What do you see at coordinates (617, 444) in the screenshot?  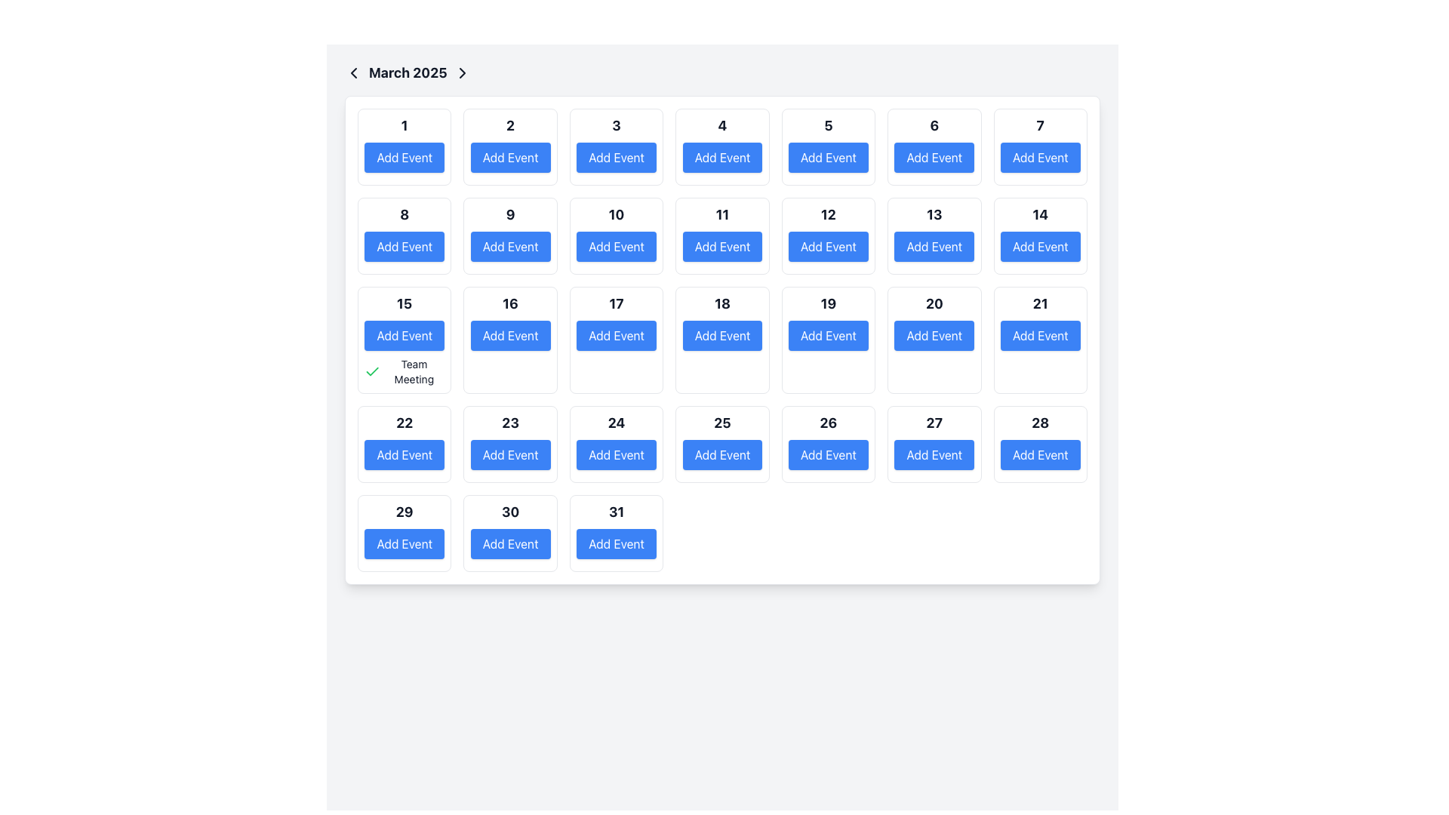 I see `the 'Add Event' button located in the Calendar day cell for March 24th, which is in the fourth row and fourth column of the calendar grid` at bounding box center [617, 444].